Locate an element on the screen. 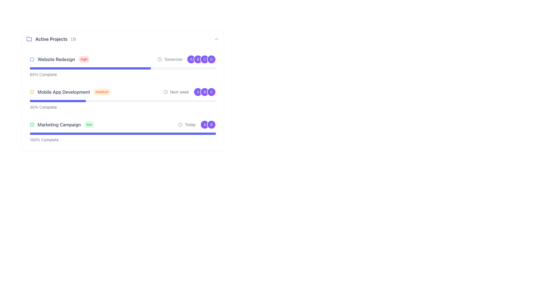 Image resolution: width=540 pixels, height=304 pixels. the second text label in the 'Active Projects' section, which identifies a specific project positioned between 'Website Redesign' and 'Marketing Campaign' is located at coordinates (64, 92).